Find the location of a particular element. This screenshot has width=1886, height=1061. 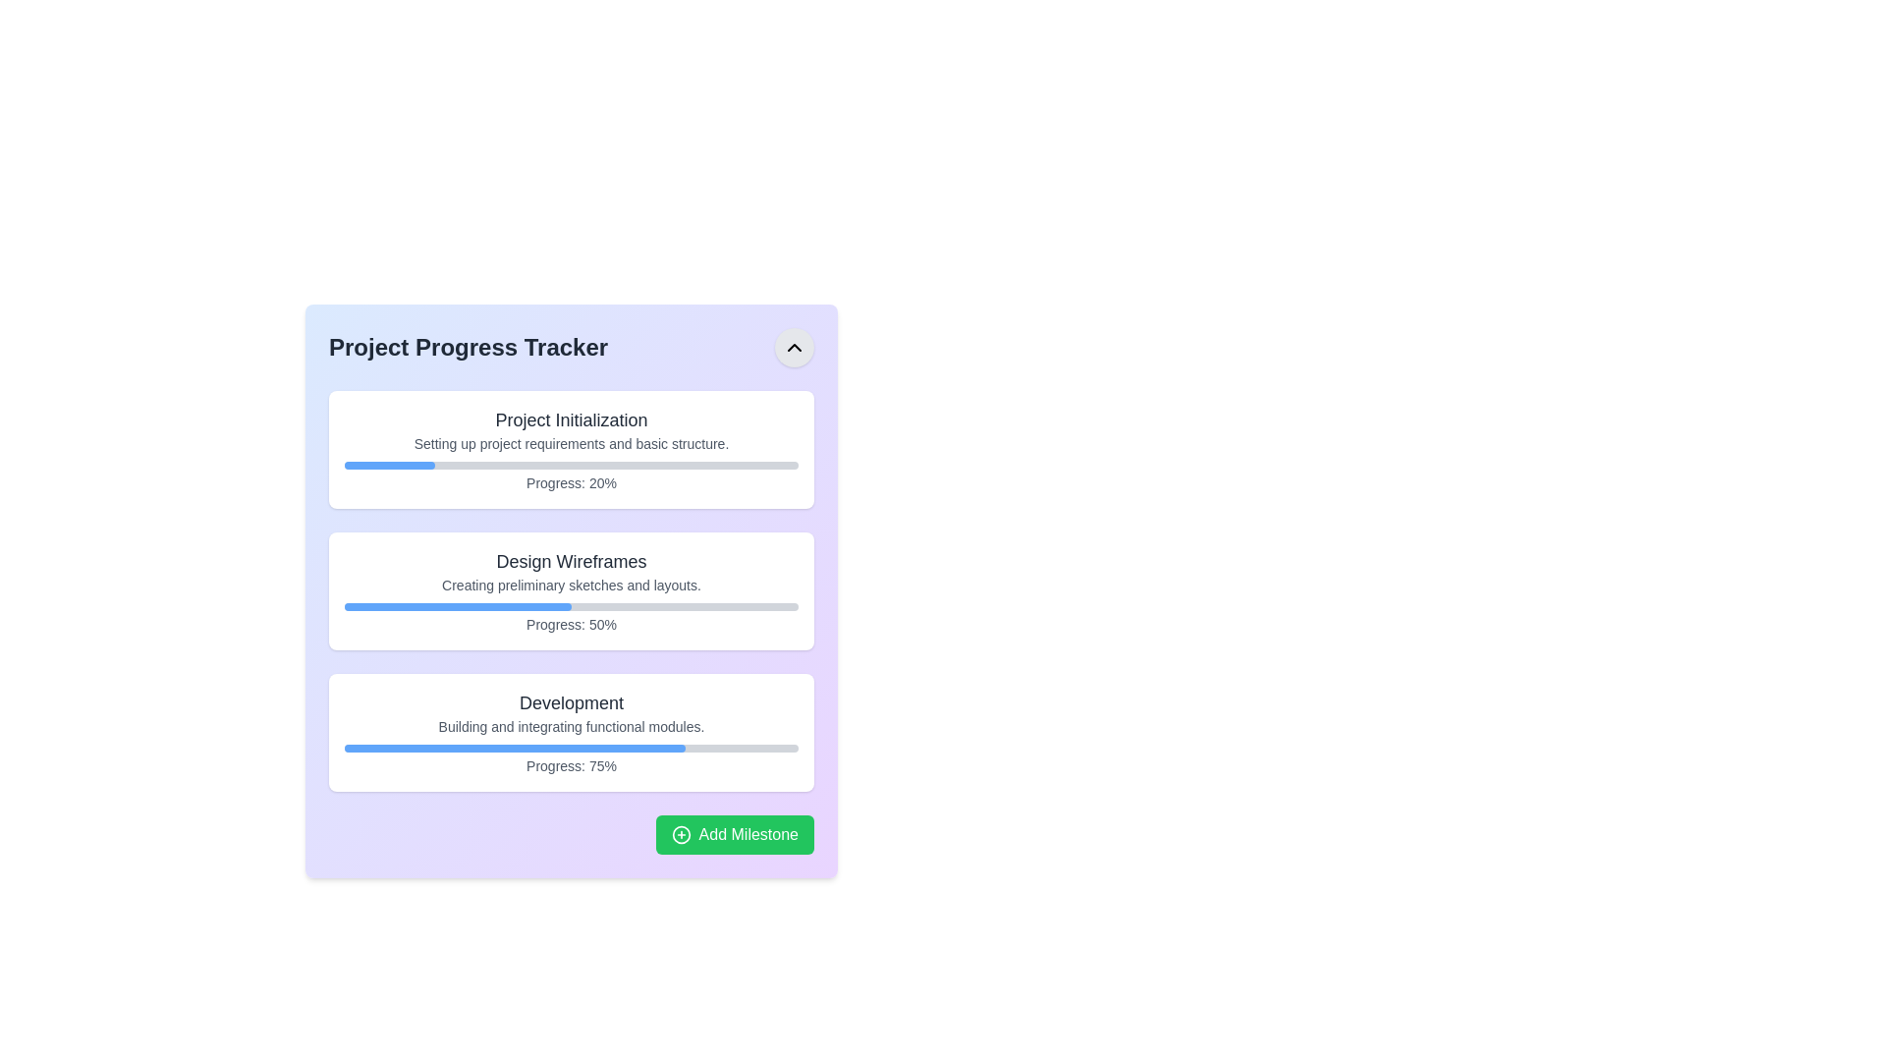

the Text label that describes the current stage of the project, specifically indicating the initialization phase, located under 'Project Initialization' is located at coordinates (570, 443).